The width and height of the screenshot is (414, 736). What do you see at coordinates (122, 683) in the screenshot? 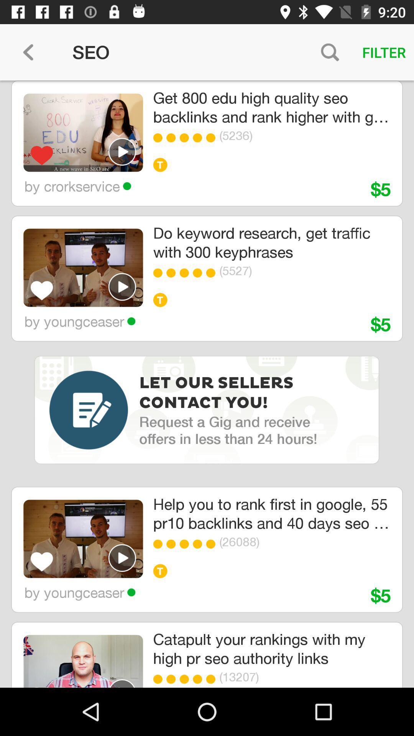
I see `this video` at bounding box center [122, 683].